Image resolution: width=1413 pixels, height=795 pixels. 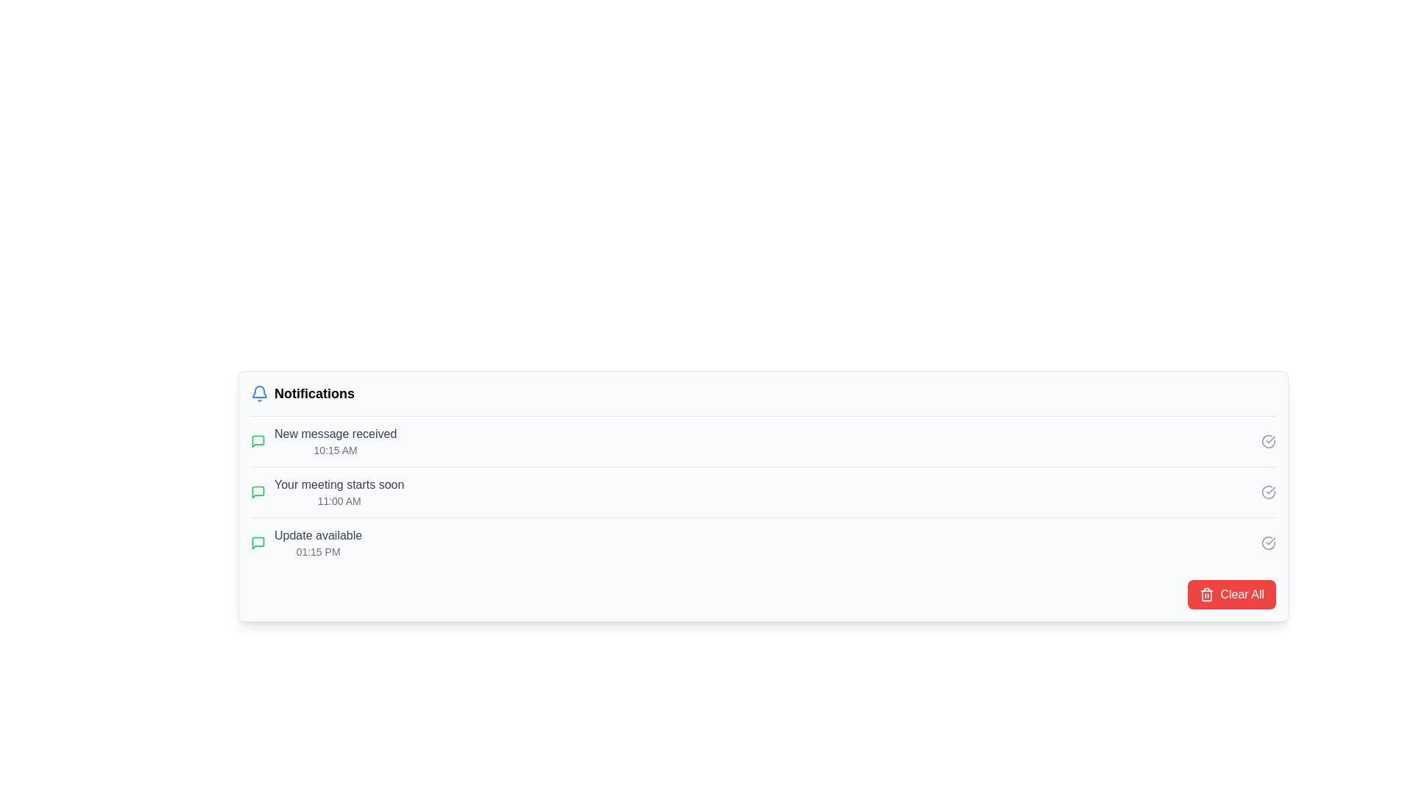 What do you see at coordinates (317, 543) in the screenshot?
I see `notification text which is the third item in the vertically-aligned list of notifications, located directly below the 'Your meeting starts soon' notification` at bounding box center [317, 543].